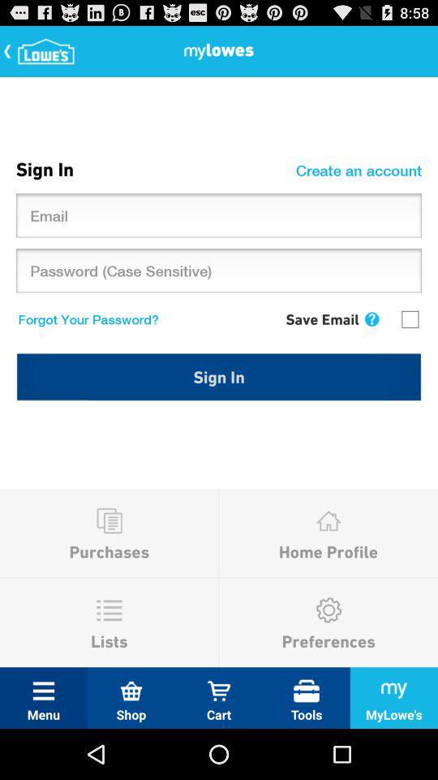 This screenshot has height=780, width=438. I want to click on mylowes logo, so click(41, 50).